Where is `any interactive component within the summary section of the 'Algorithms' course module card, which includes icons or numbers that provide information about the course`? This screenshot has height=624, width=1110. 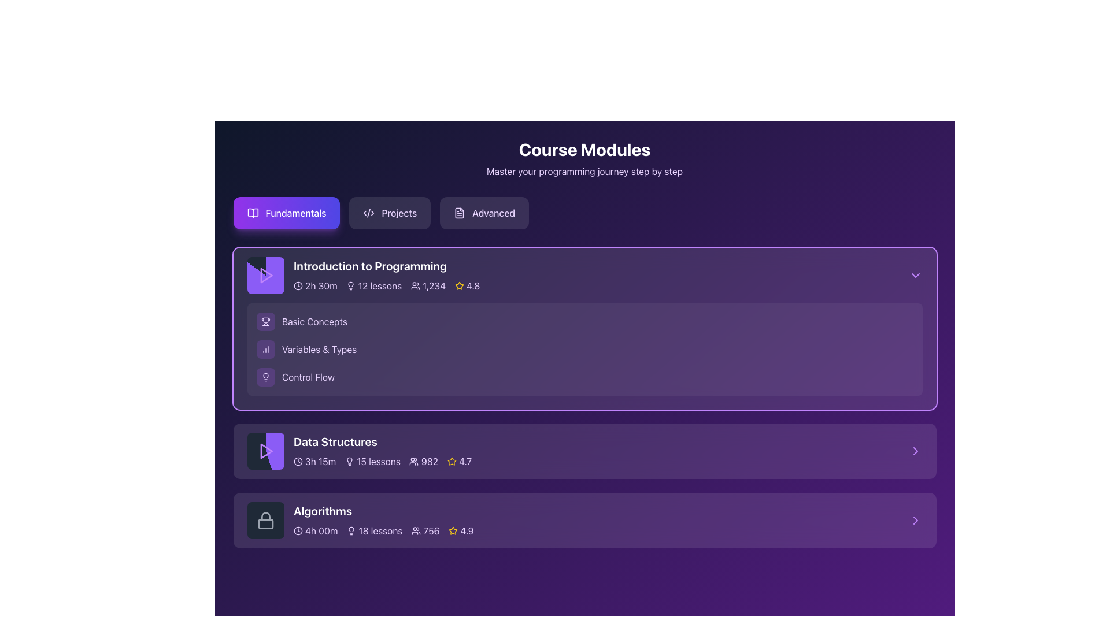 any interactive component within the summary section of the 'Algorithms' course module card, which includes icons or numbers that provide information about the course is located at coordinates (383, 530).